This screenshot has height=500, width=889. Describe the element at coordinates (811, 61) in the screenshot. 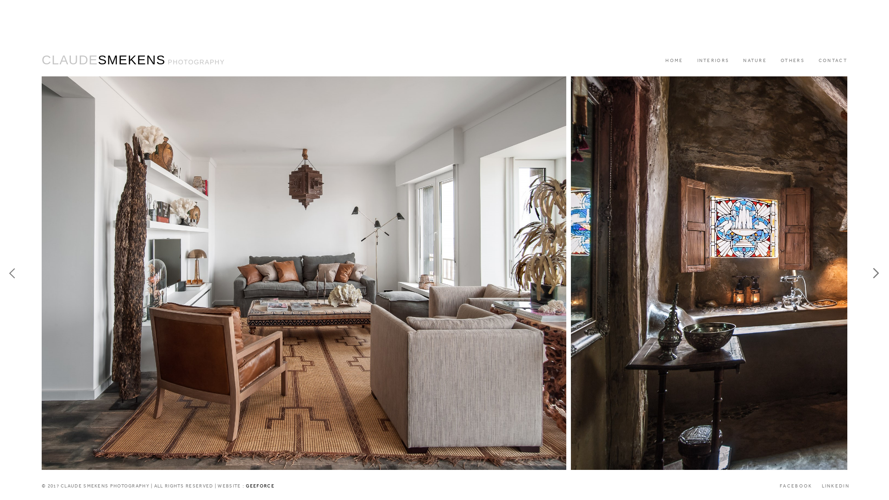

I see `'CONTACT'` at that location.